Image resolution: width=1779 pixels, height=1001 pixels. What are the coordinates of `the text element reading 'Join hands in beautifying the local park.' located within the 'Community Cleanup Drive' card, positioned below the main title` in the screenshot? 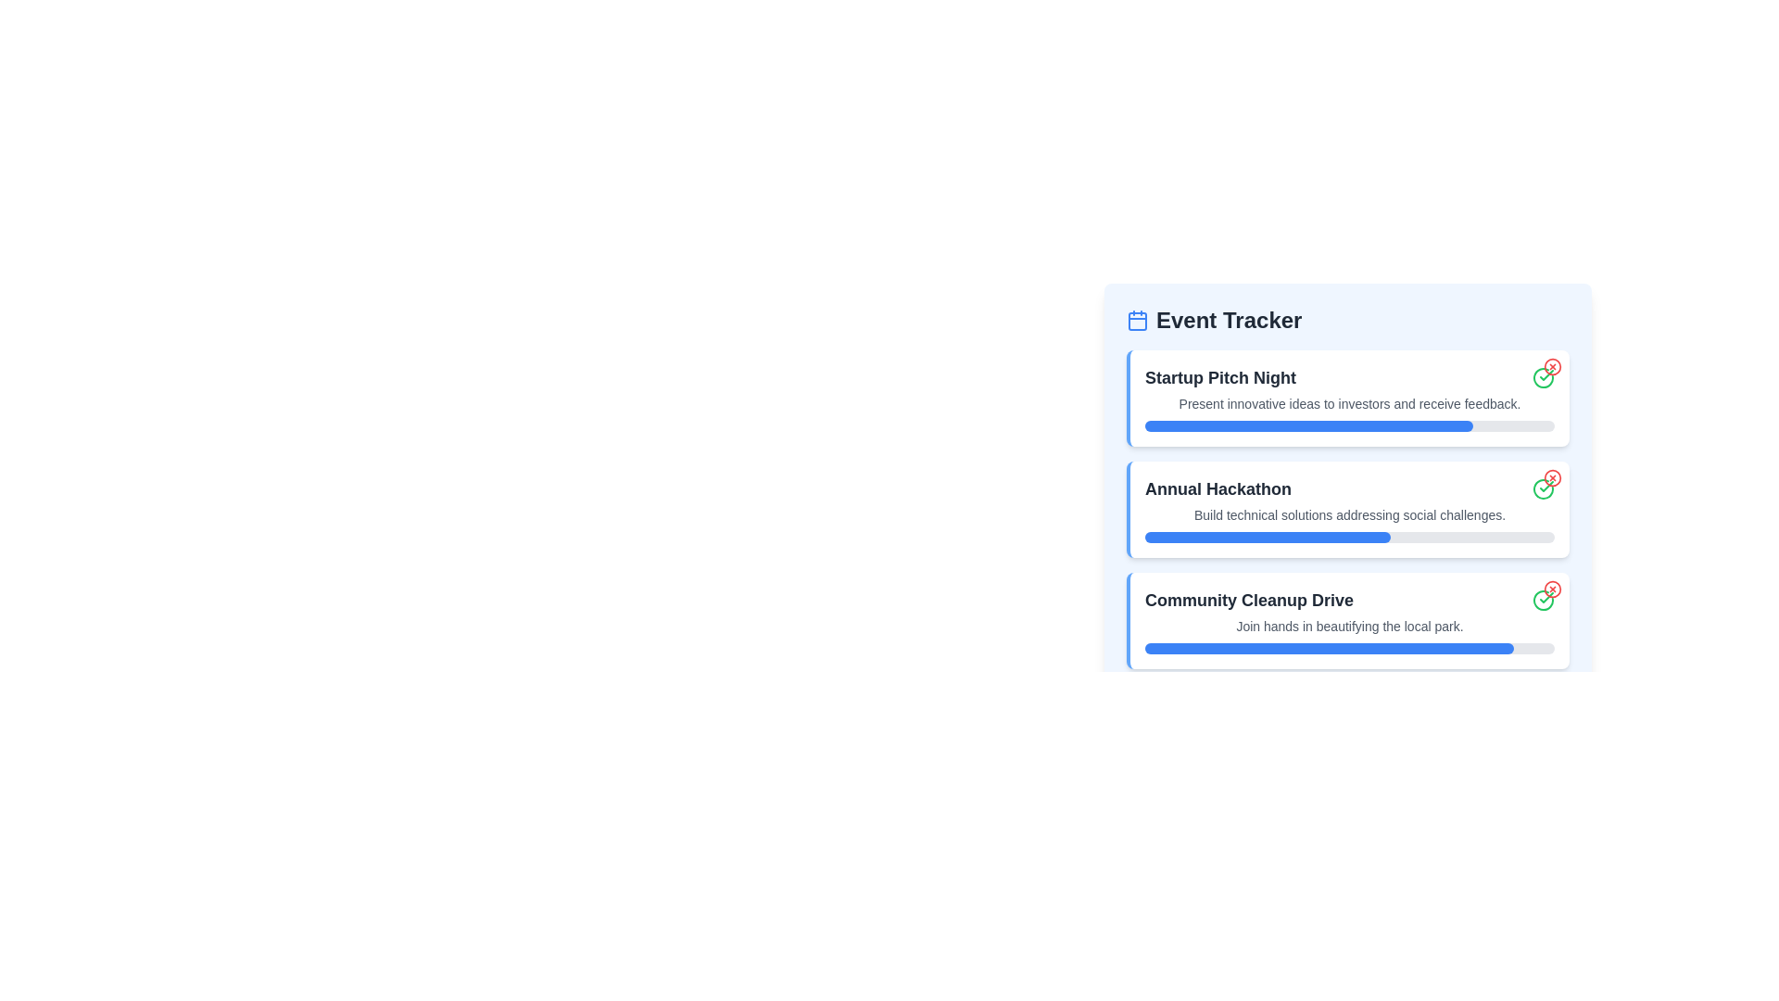 It's located at (1350, 626).